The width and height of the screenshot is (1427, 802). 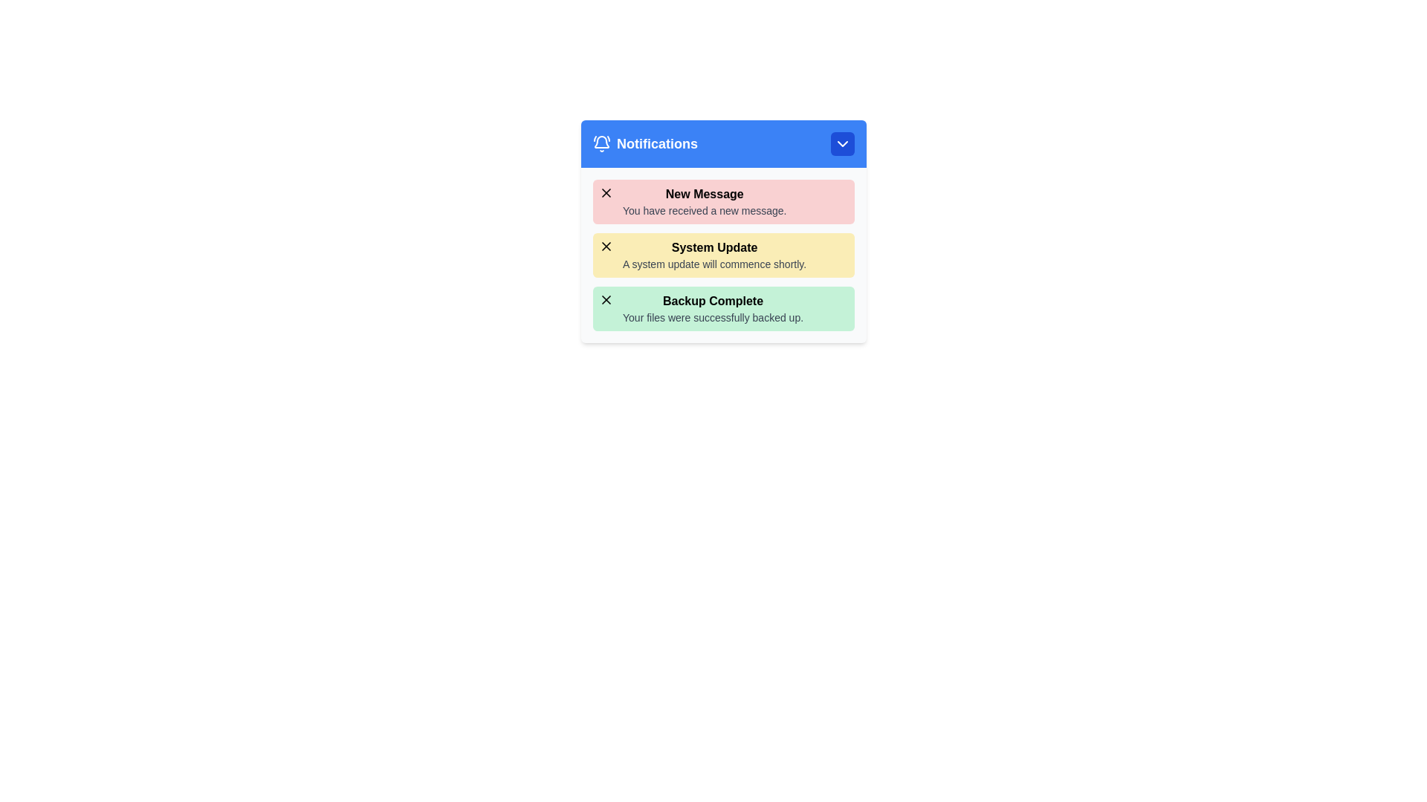 I want to click on the text label displaying the notification message under the 'New Message' header in the notification dropdown, so click(x=704, y=211).